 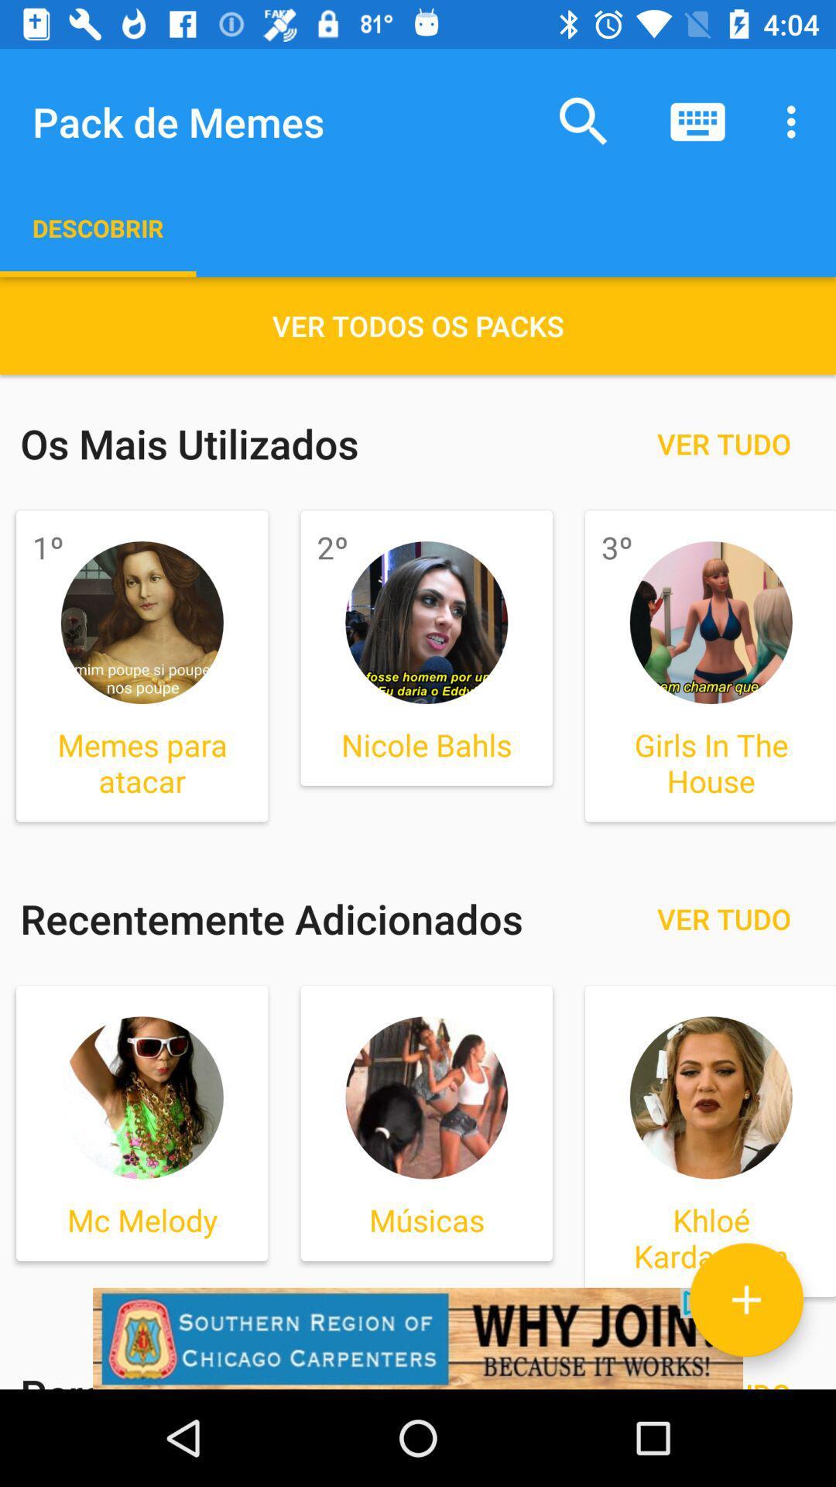 What do you see at coordinates (418, 1338) in the screenshot?
I see `advertising` at bounding box center [418, 1338].